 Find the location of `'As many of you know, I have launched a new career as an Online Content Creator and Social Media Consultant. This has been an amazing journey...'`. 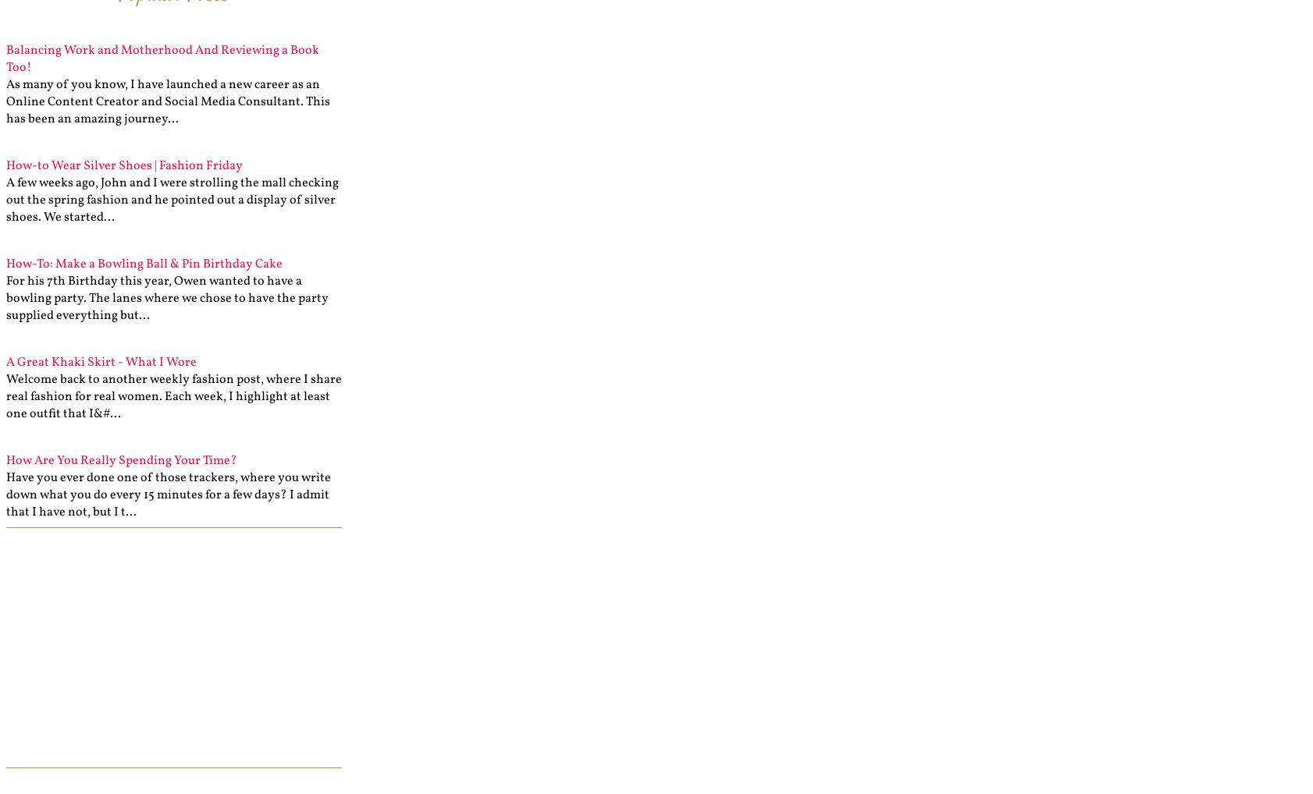

'As many of you know, I have launched a new career as an Online Content Creator and Social Media Consultant. This has been an amazing journey...' is located at coordinates (167, 101).